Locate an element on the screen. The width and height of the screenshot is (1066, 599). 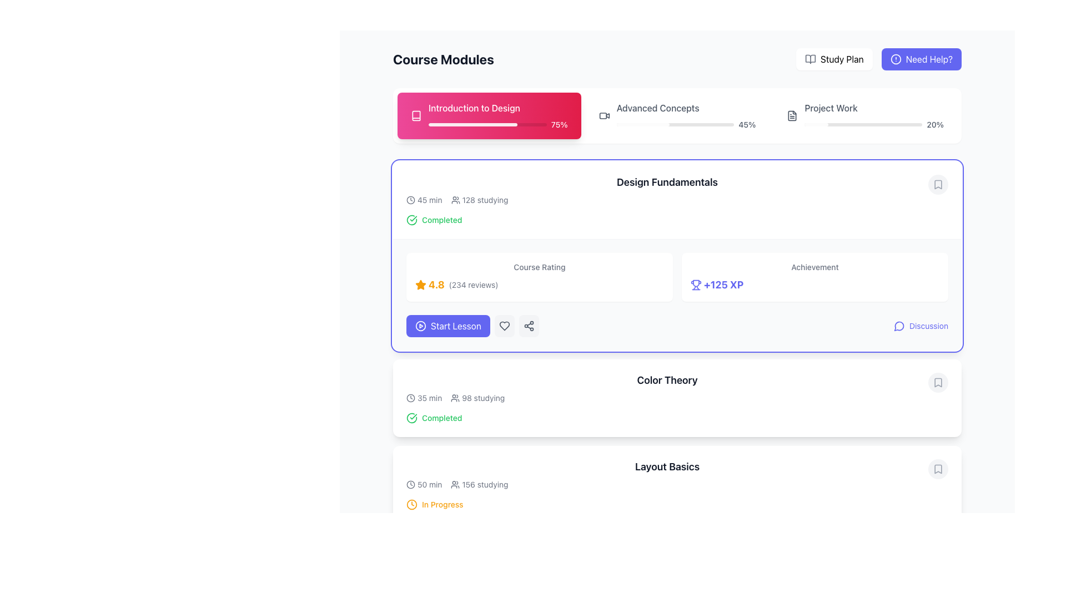
the progress tracker component for 'Project Work' is located at coordinates (864, 115).